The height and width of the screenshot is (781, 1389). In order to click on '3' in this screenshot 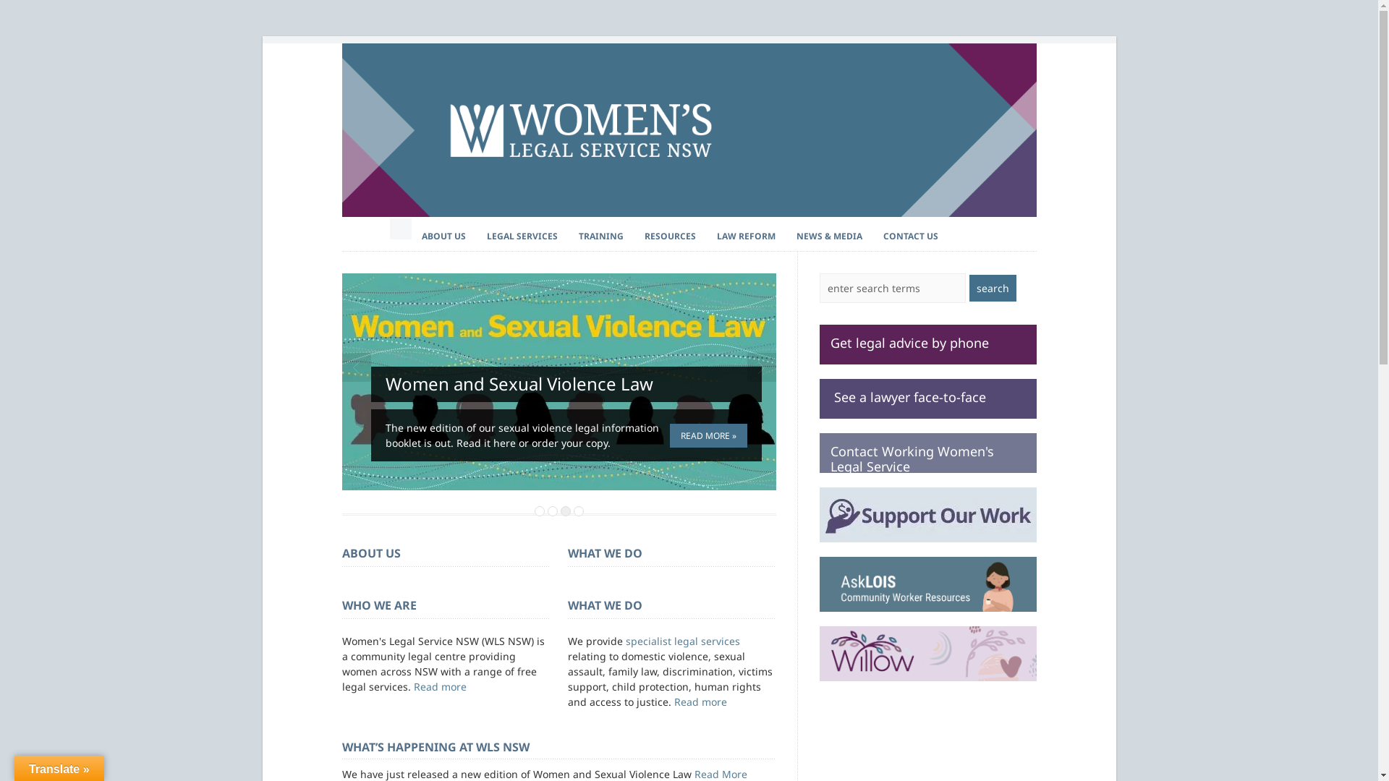, I will do `click(564, 510)`.